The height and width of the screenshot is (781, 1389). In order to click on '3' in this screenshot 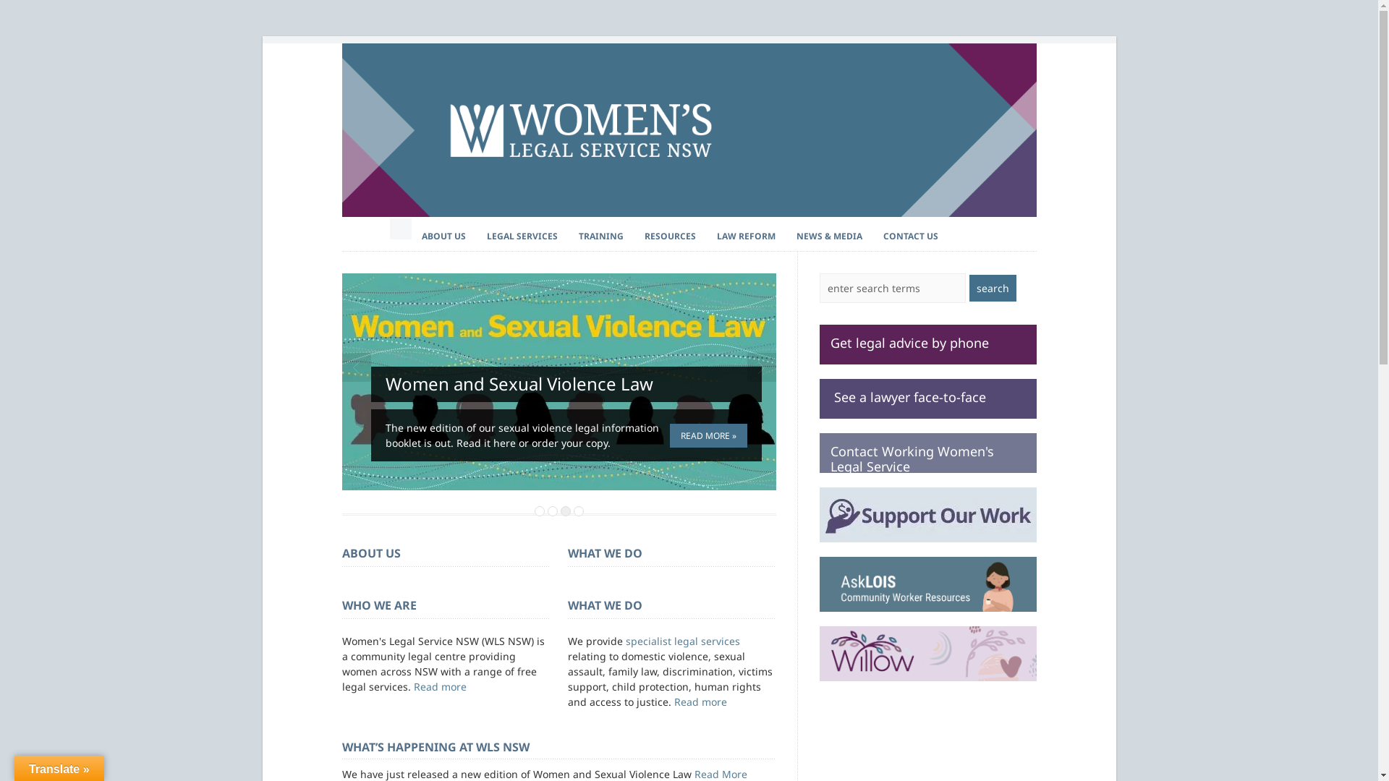, I will do `click(564, 510)`.